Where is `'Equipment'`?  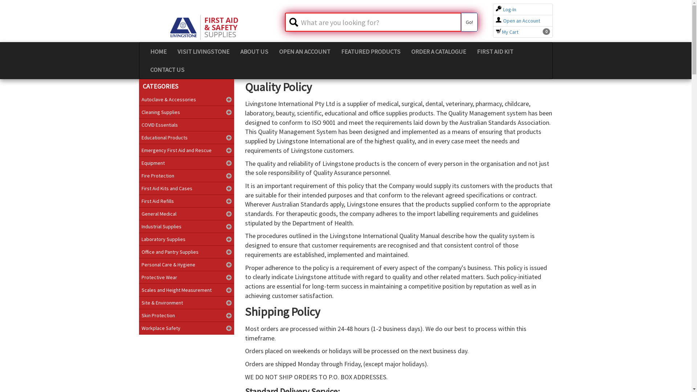
'Equipment' is located at coordinates (139, 162).